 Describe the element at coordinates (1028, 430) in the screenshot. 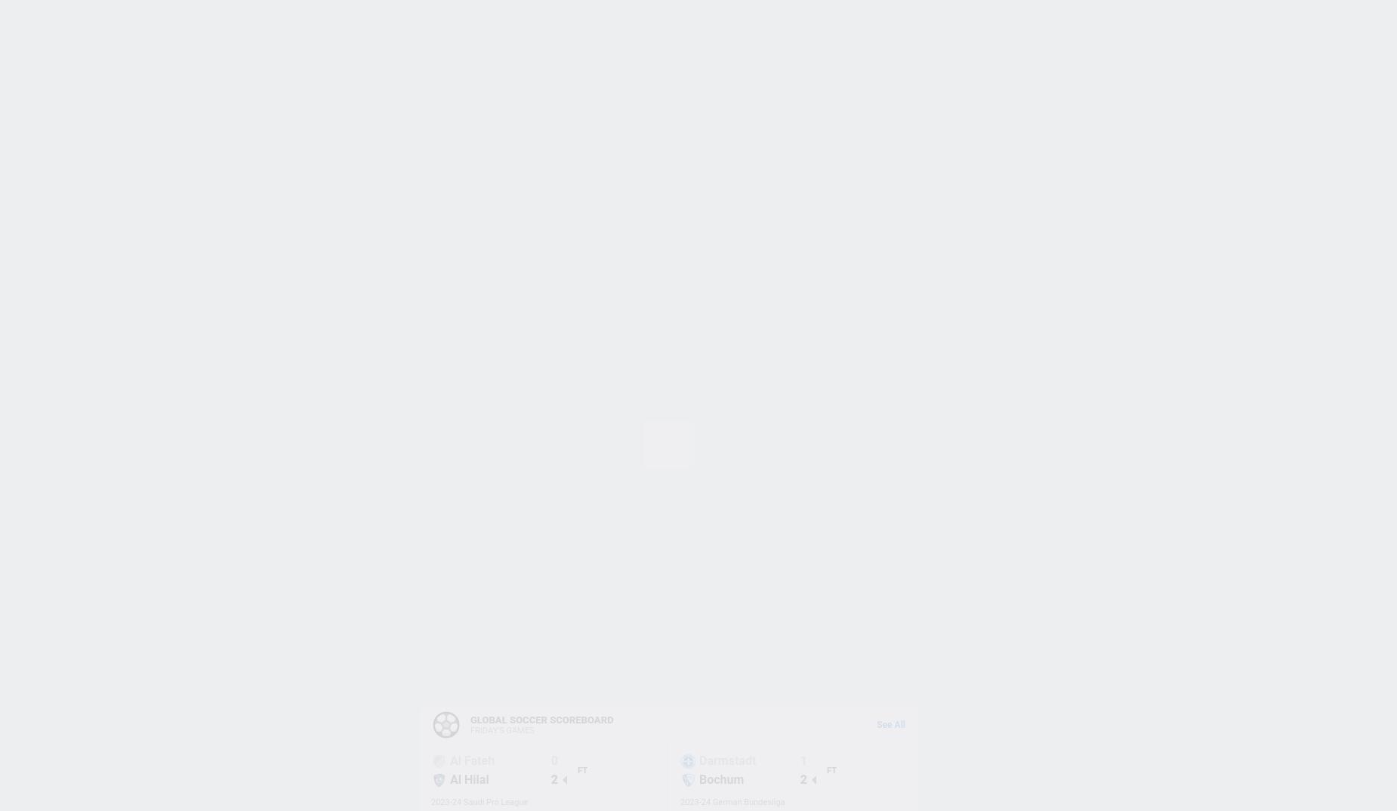

I see `'© ESPN Enterprises, Inc. All rights reserved.'` at that location.